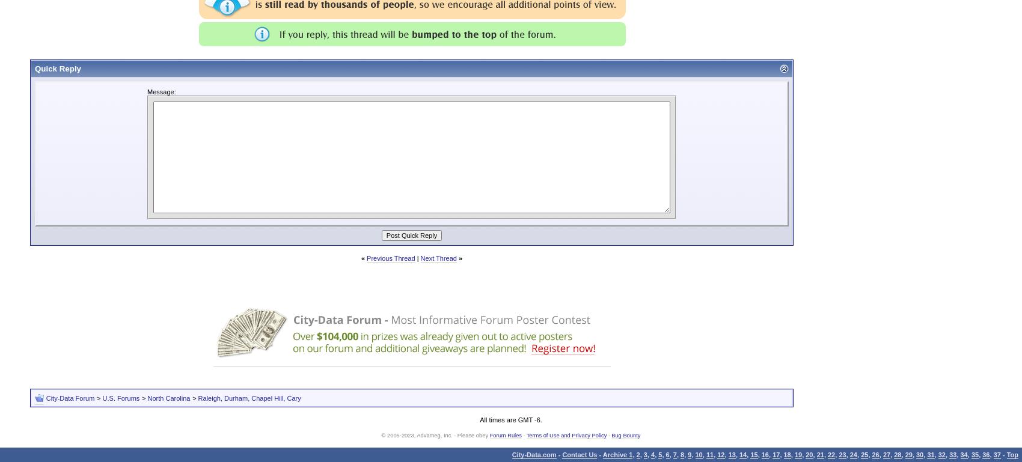 The width and height of the screenshot is (1022, 462). Describe the element at coordinates (974, 454) in the screenshot. I see `'35'` at that location.